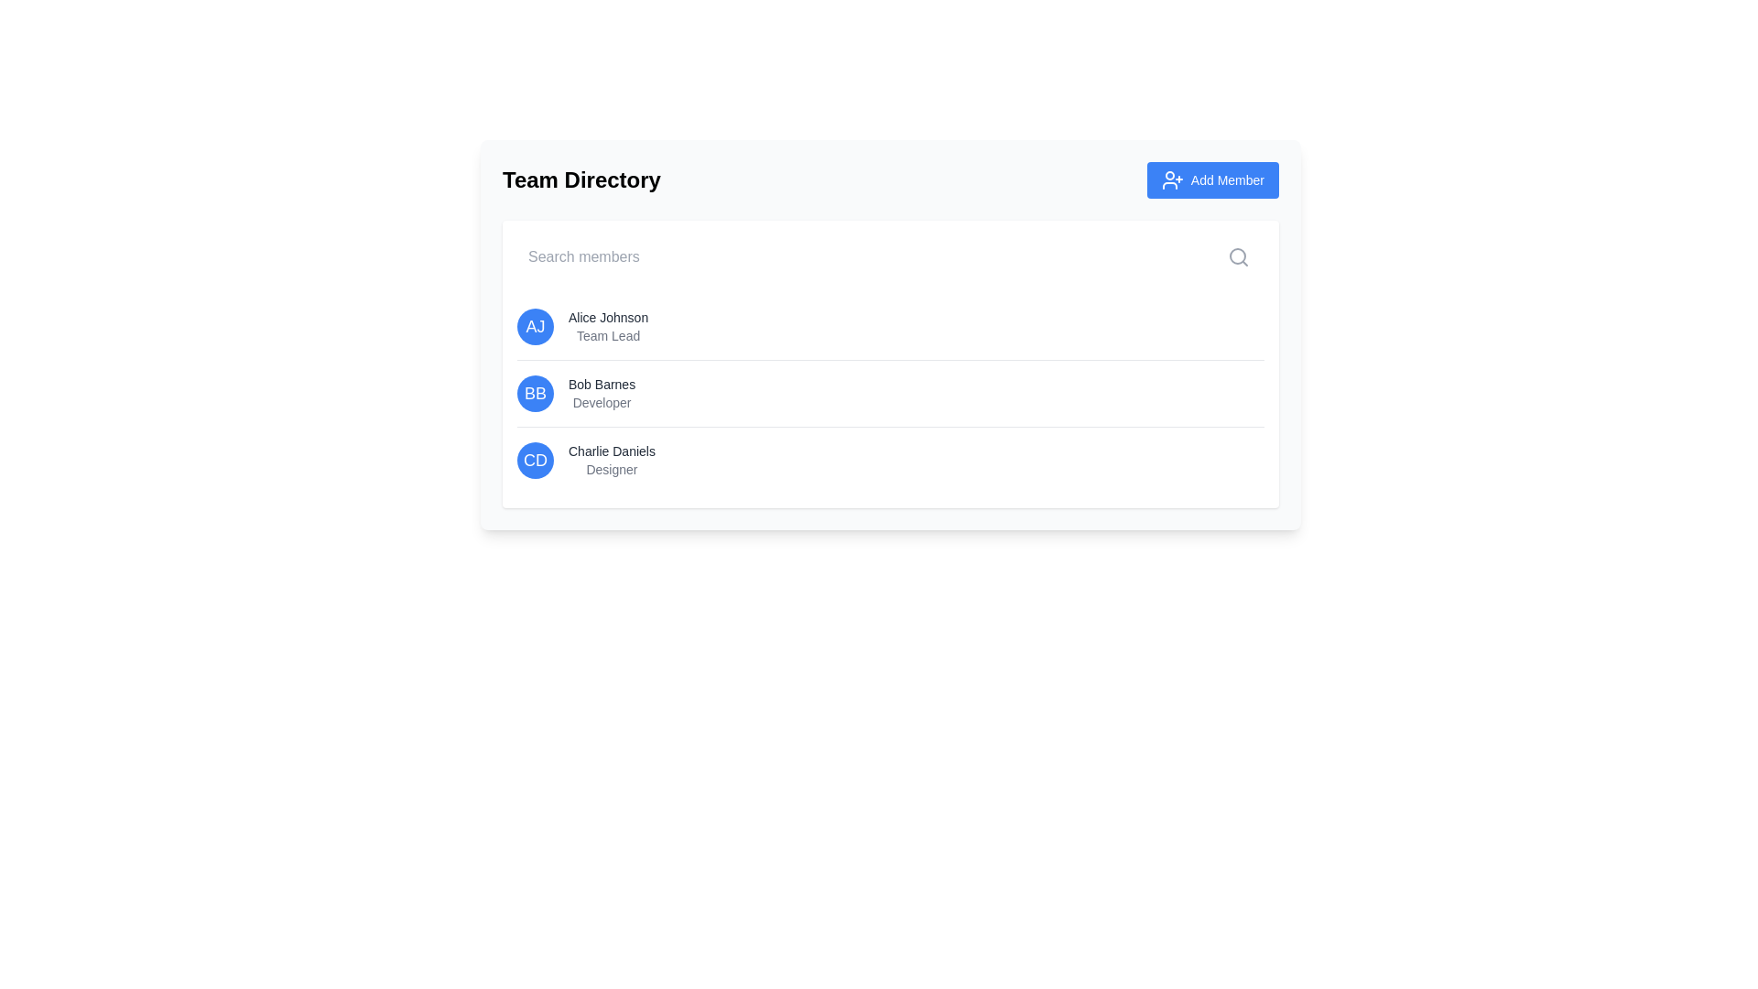 This screenshot has width=1758, height=989. I want to click on the text label displaying the name 'Alice Johnson', so click(608, 317).